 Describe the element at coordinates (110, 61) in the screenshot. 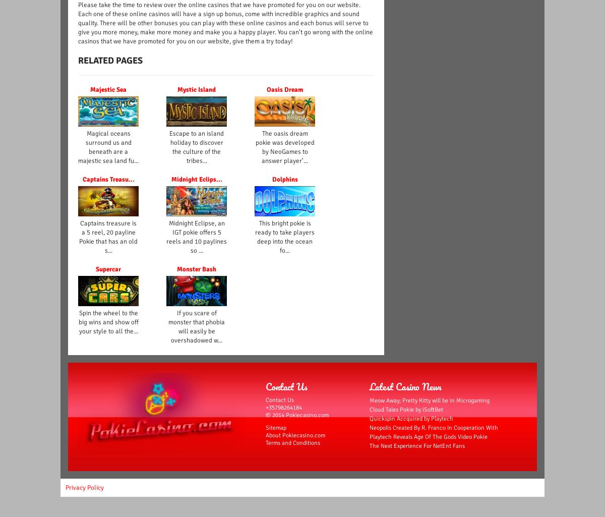

I see `'Related pages'` at that location.